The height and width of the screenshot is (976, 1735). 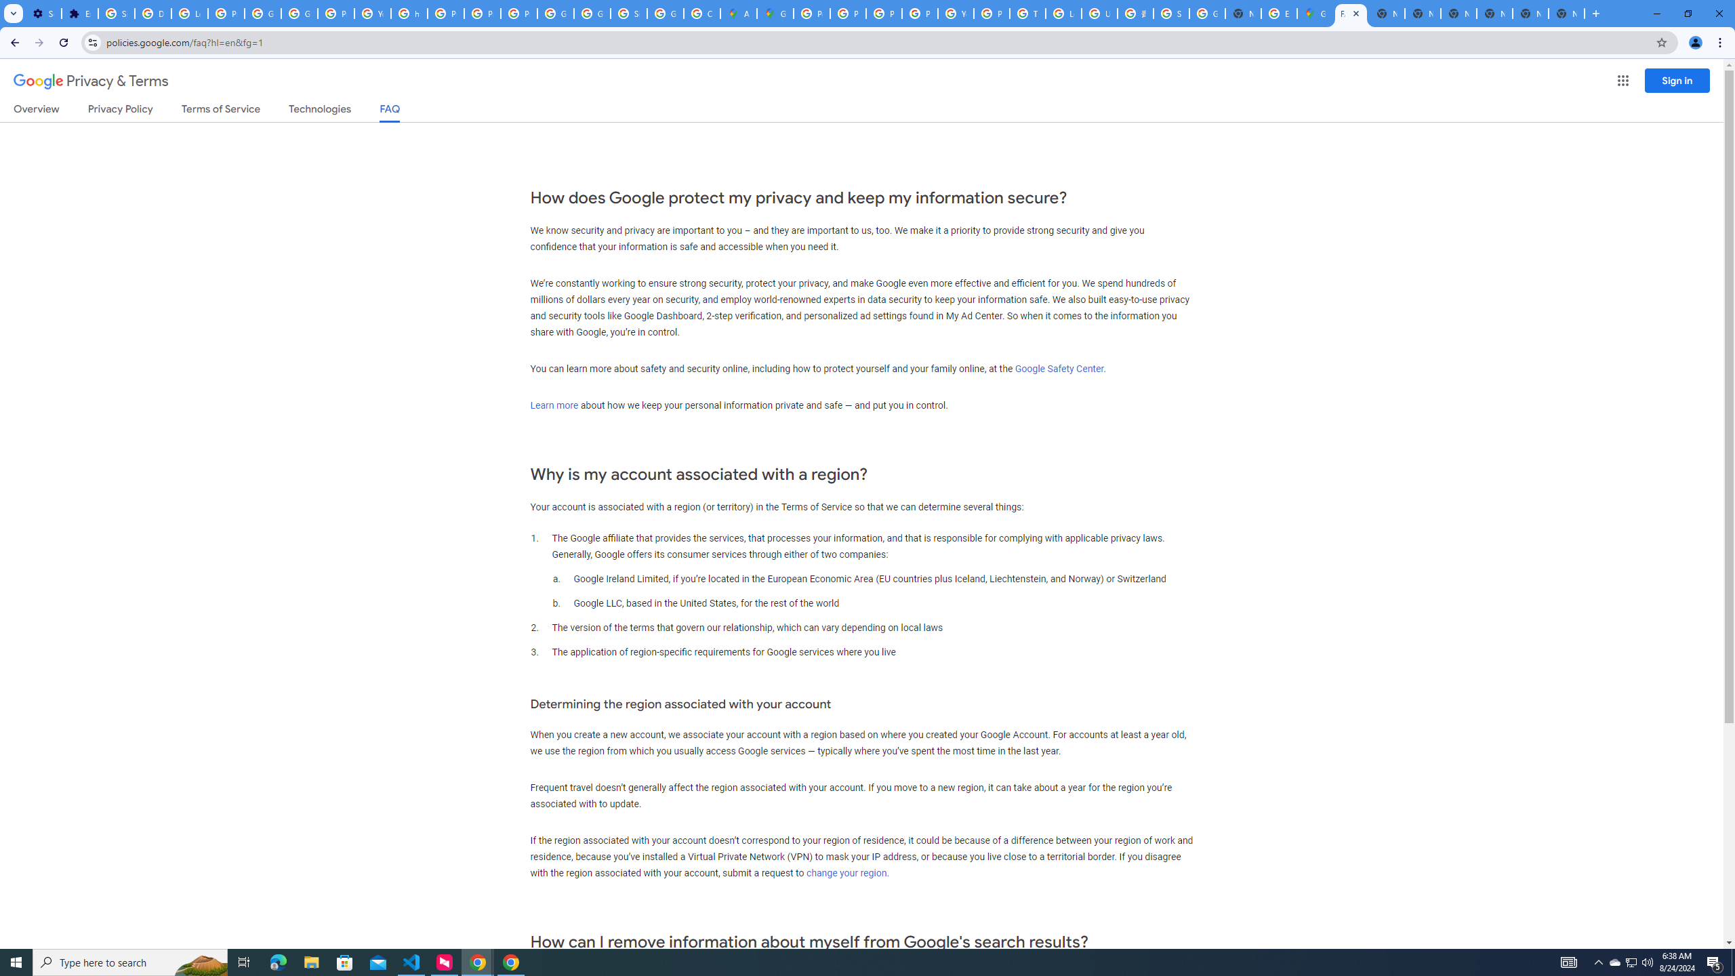 What do you see at coordinates (299, 13) in the screenshot?
I see `'Google Account Help'` at bounding box center [299, 13].